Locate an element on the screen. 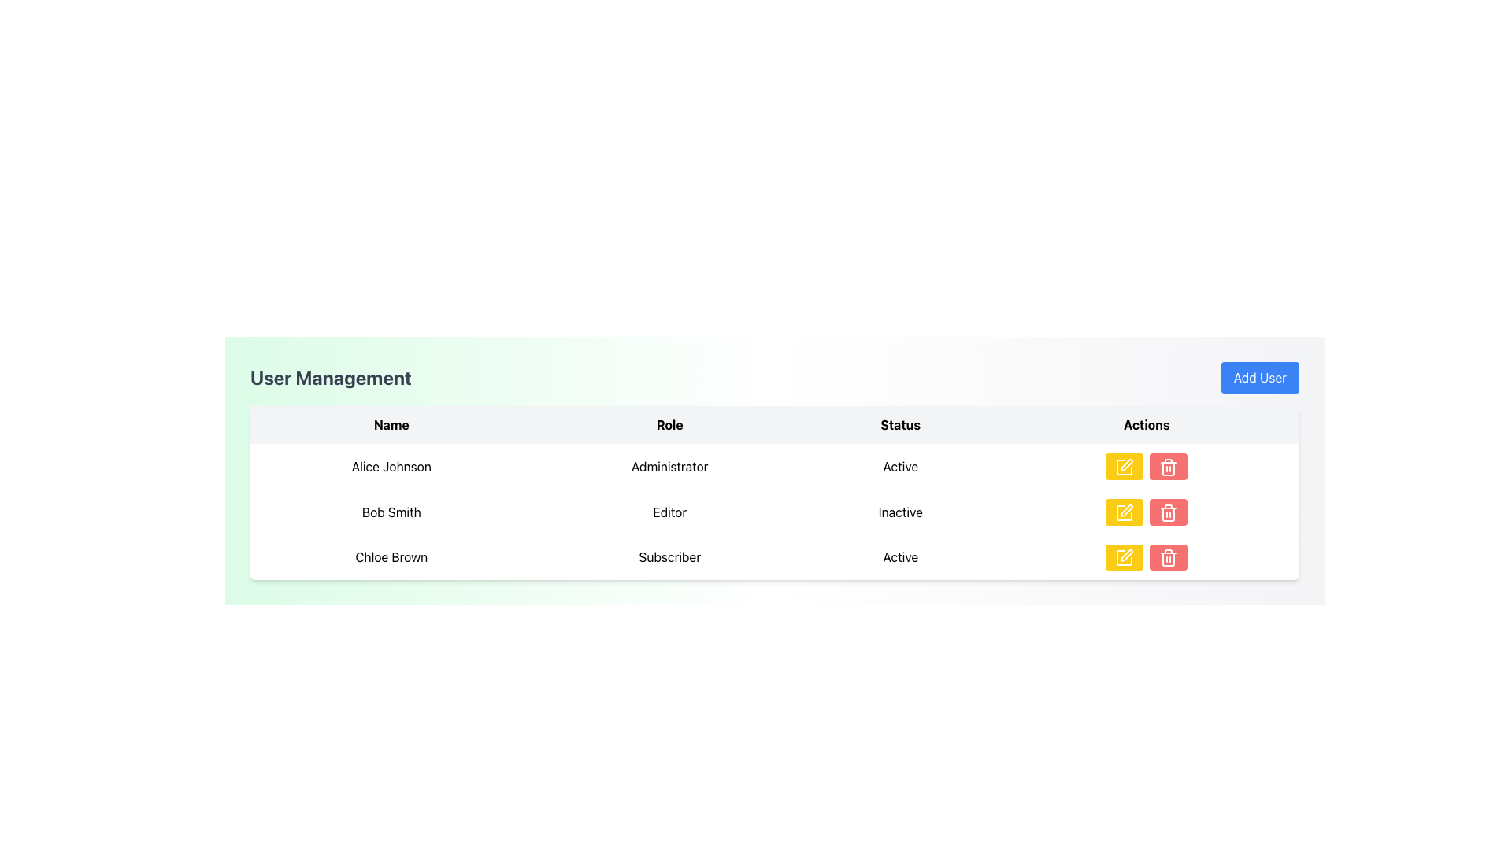 This screenshot has height=850, width=1512. the trash can icon in the 'Actions' column of the last row in the user management table is located at coordinates (1169, 559).